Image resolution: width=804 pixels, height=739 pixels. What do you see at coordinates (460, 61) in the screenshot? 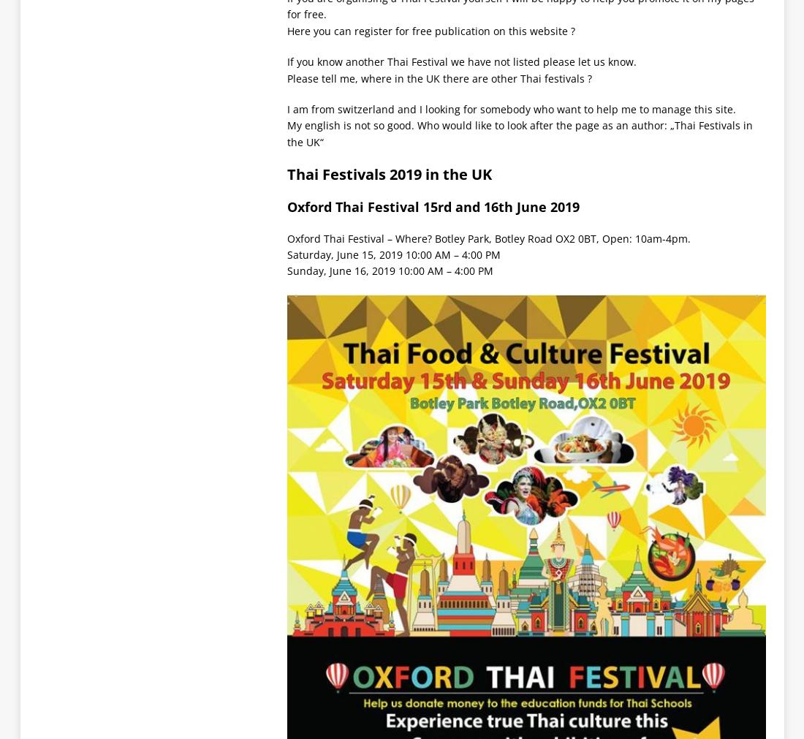
I see `'If you know another Thai Festival we have not listed please let us know.'` at bounding box center [460, 61].